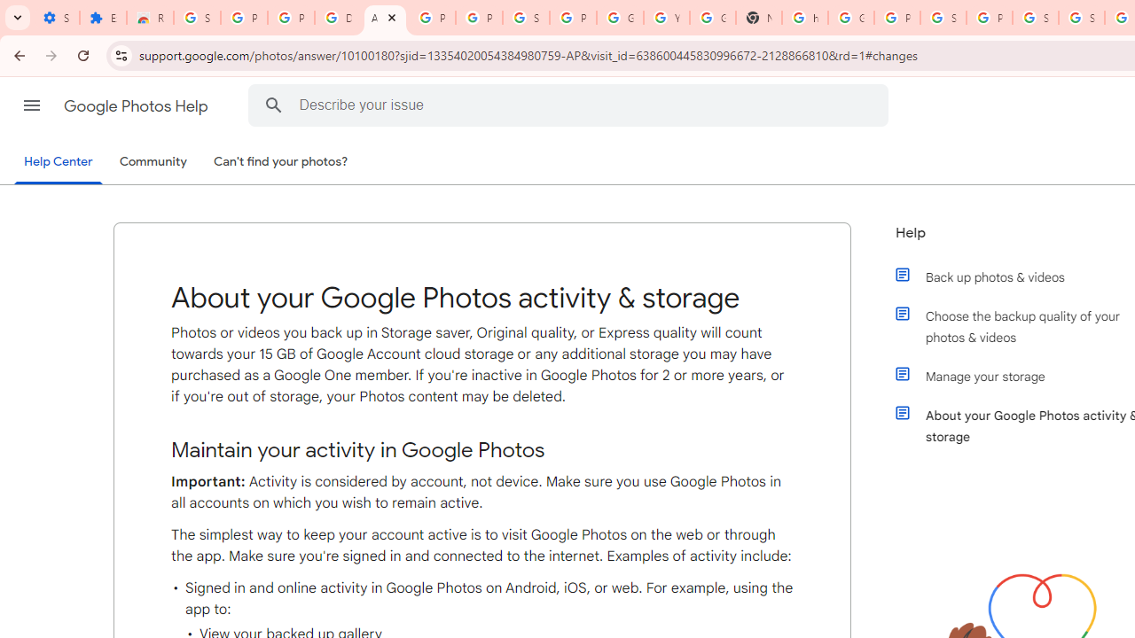 The width and height of the screenshot is (1135, 638). What do you see at coordinates (666, 18) in the screenshot?
I see `'YouTube'` at bounding box center [666, 18].